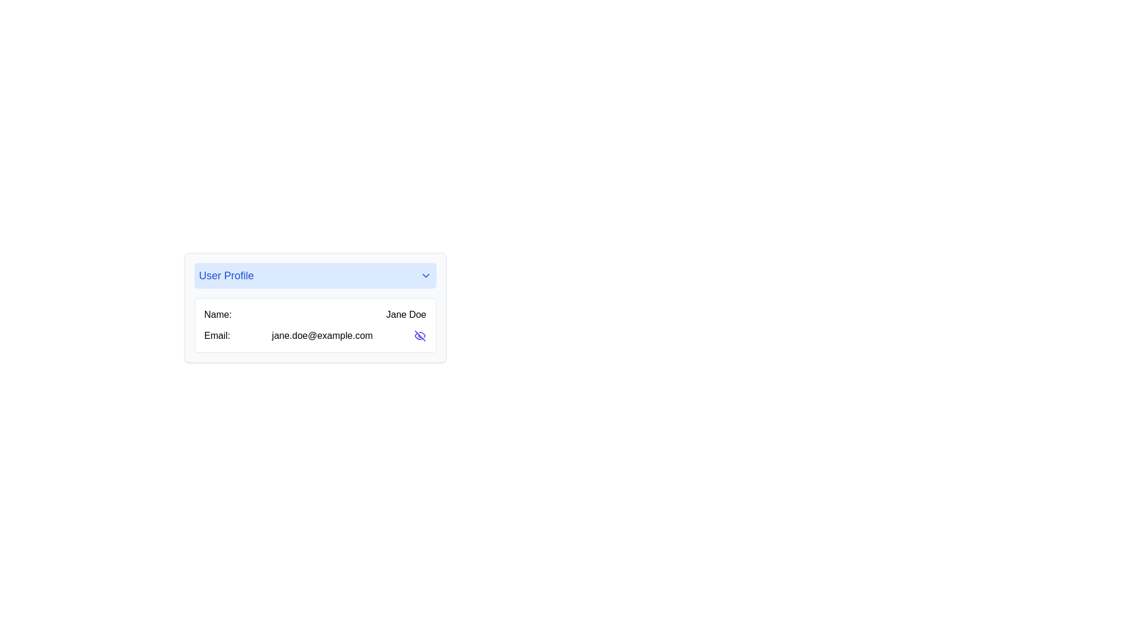  What do you see at coordinates (406, 314) in the screenshot?
I see `the text label displaying the user's name 'Jane Doe' in the user profile section, which is located to the right of the label 'Name:'` at bounding box center [406, 314].